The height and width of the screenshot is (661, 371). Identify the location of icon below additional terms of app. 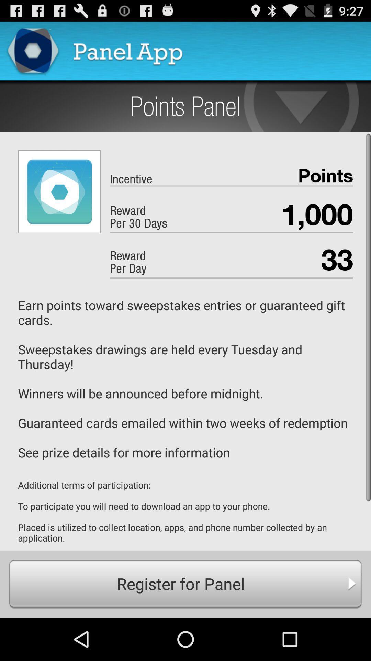
(185, 584).